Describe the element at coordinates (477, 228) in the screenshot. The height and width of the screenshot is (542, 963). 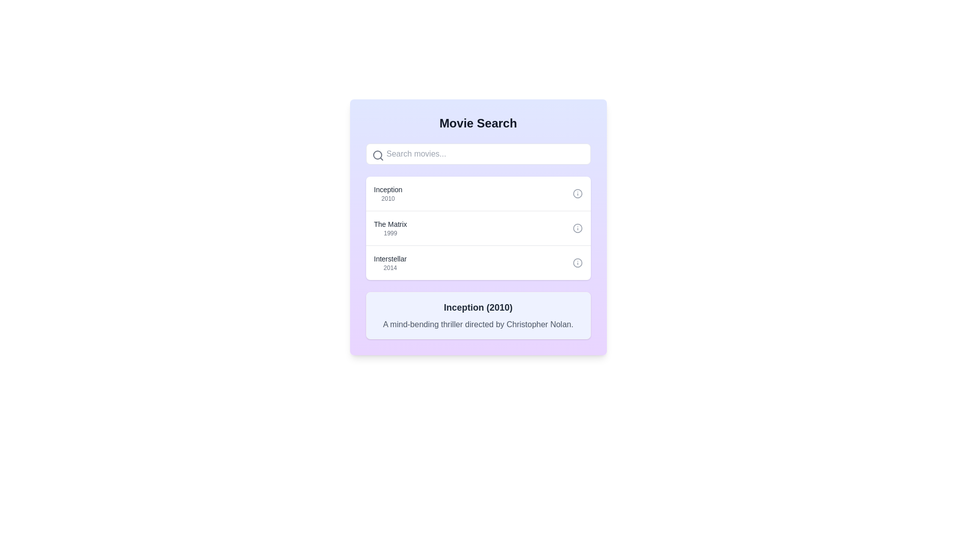
I see `the list item representing the movie 'The Matrix' (1999)` at that location.